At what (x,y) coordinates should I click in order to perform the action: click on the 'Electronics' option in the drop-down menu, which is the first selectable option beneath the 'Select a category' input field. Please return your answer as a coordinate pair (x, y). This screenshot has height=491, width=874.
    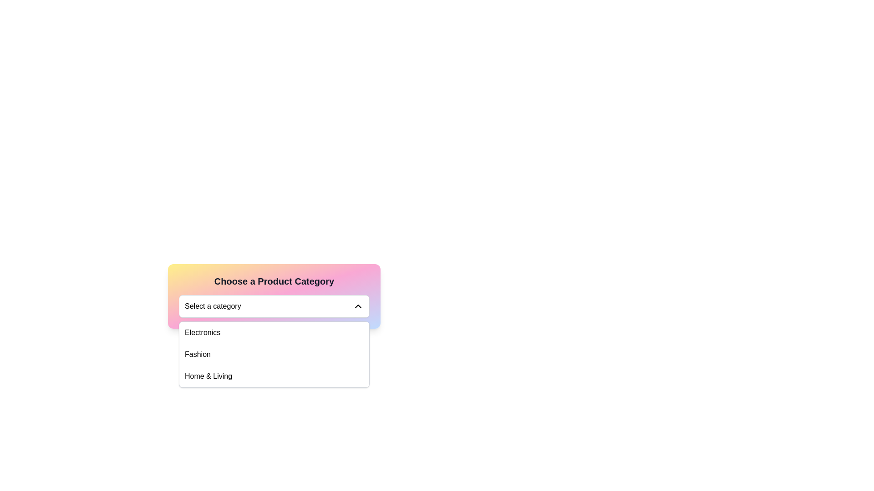
    Looking at the image, I should click on (202, 333).